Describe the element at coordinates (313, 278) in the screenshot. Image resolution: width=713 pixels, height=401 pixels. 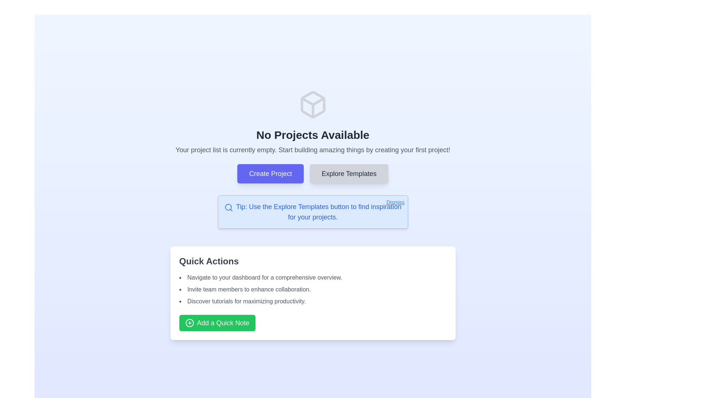
I see `first item of the informational text in the 'Quick Actions' card to understand the suggested action of navigating to the dashboard` at that location.